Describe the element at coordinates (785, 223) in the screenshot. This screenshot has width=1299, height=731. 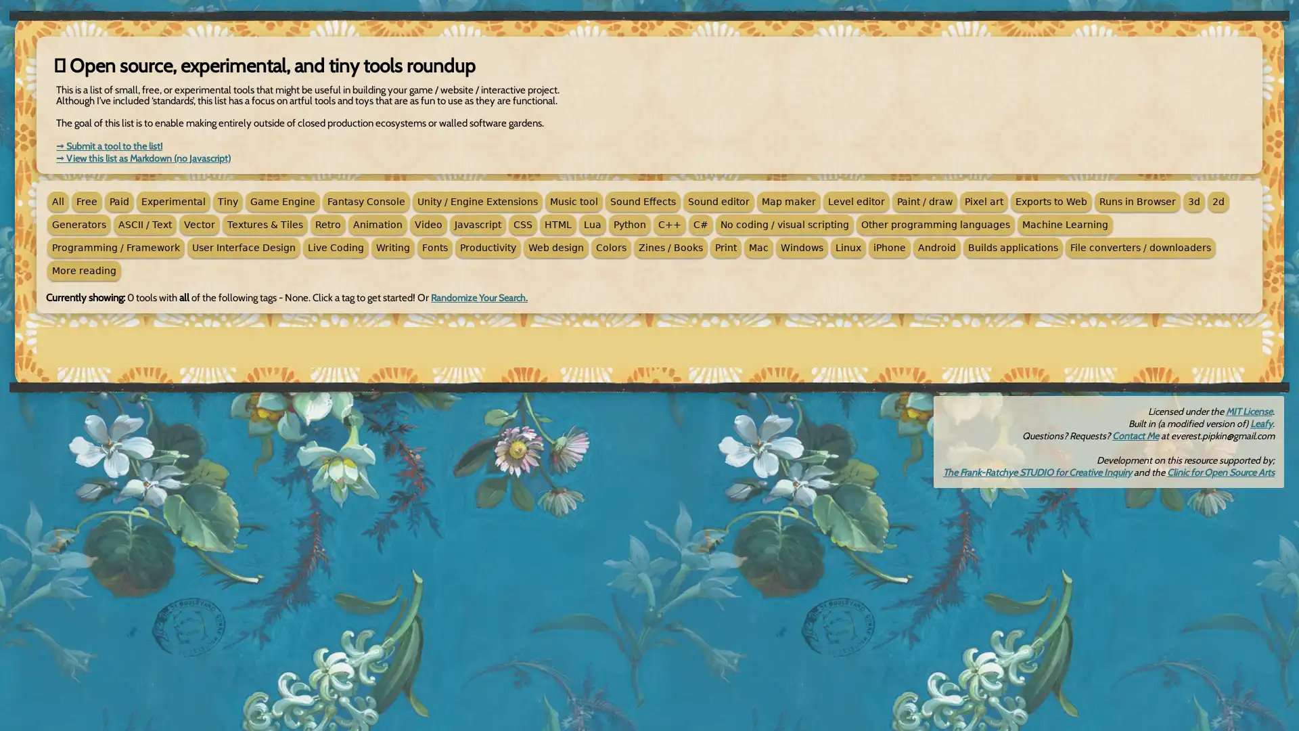
I see `No coding / visual scripting` at that location.